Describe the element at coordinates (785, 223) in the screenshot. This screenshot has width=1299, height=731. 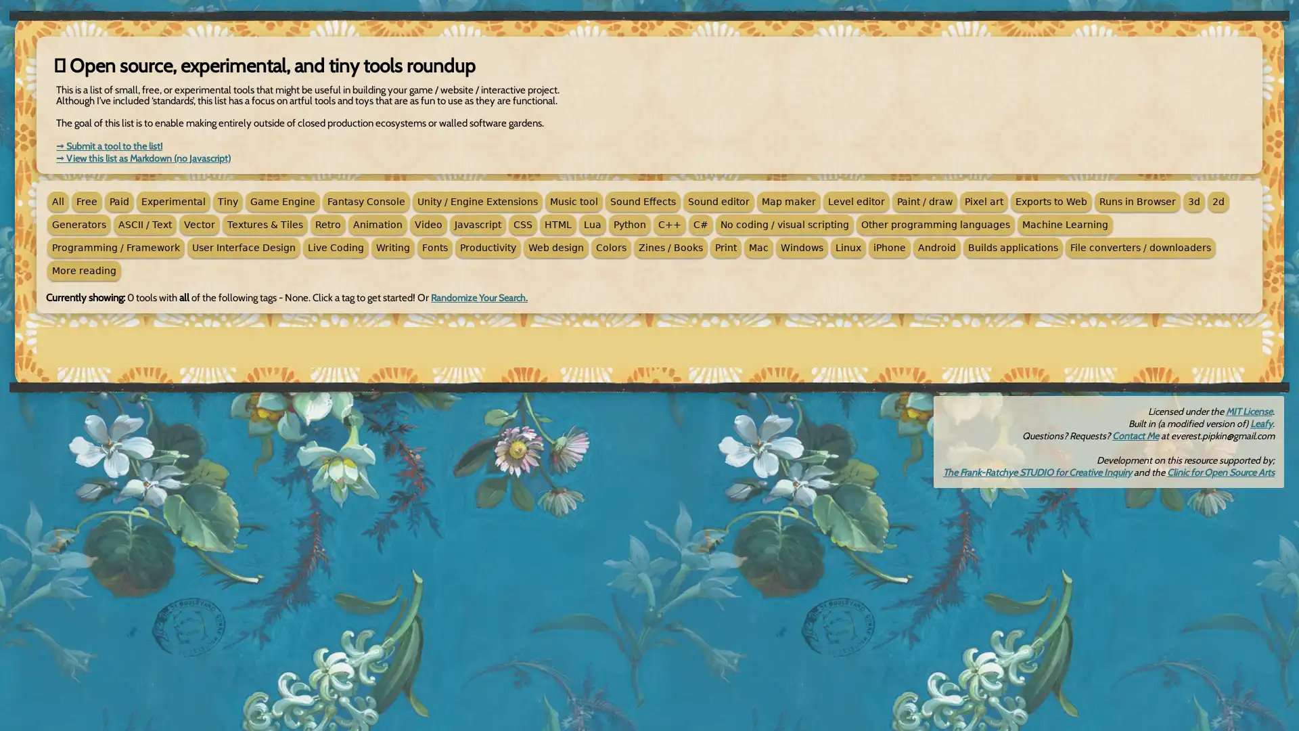
I see `No coding / visual scripting` at that location.